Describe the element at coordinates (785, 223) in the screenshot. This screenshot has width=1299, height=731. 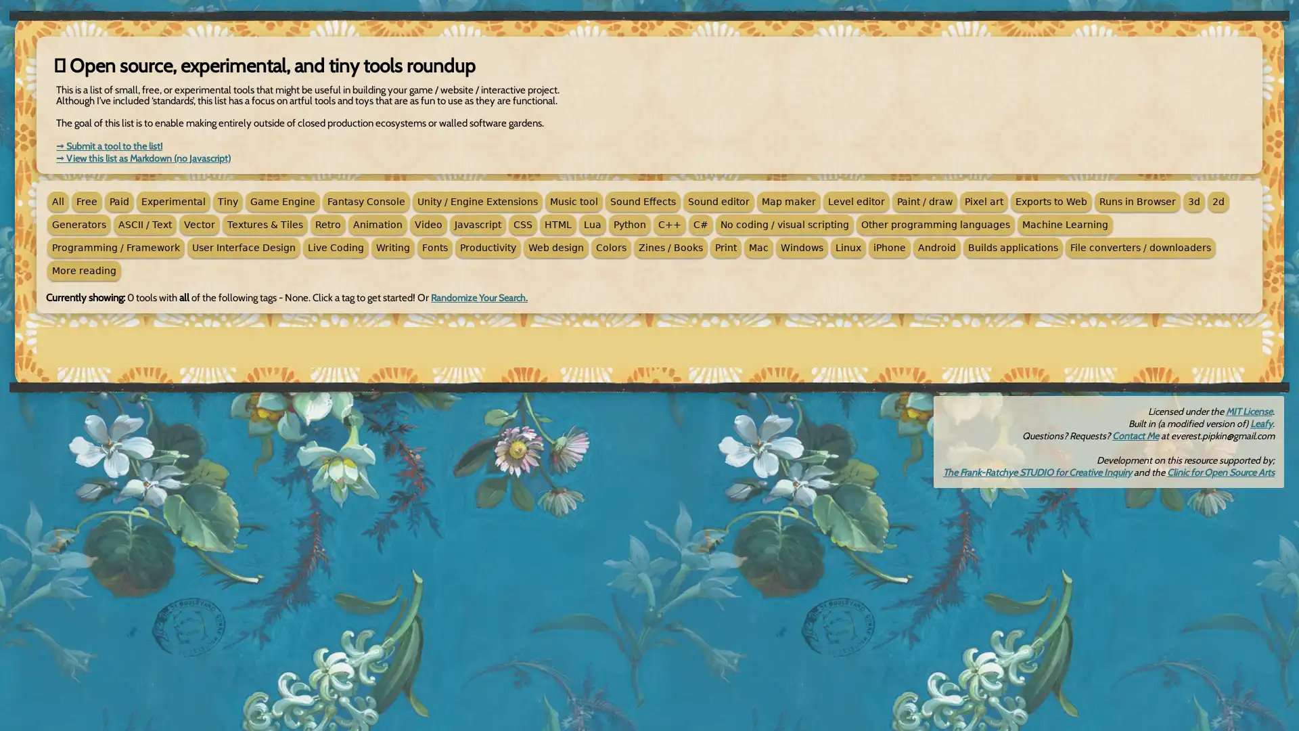
I see `No coding / visual scripting` at that location.